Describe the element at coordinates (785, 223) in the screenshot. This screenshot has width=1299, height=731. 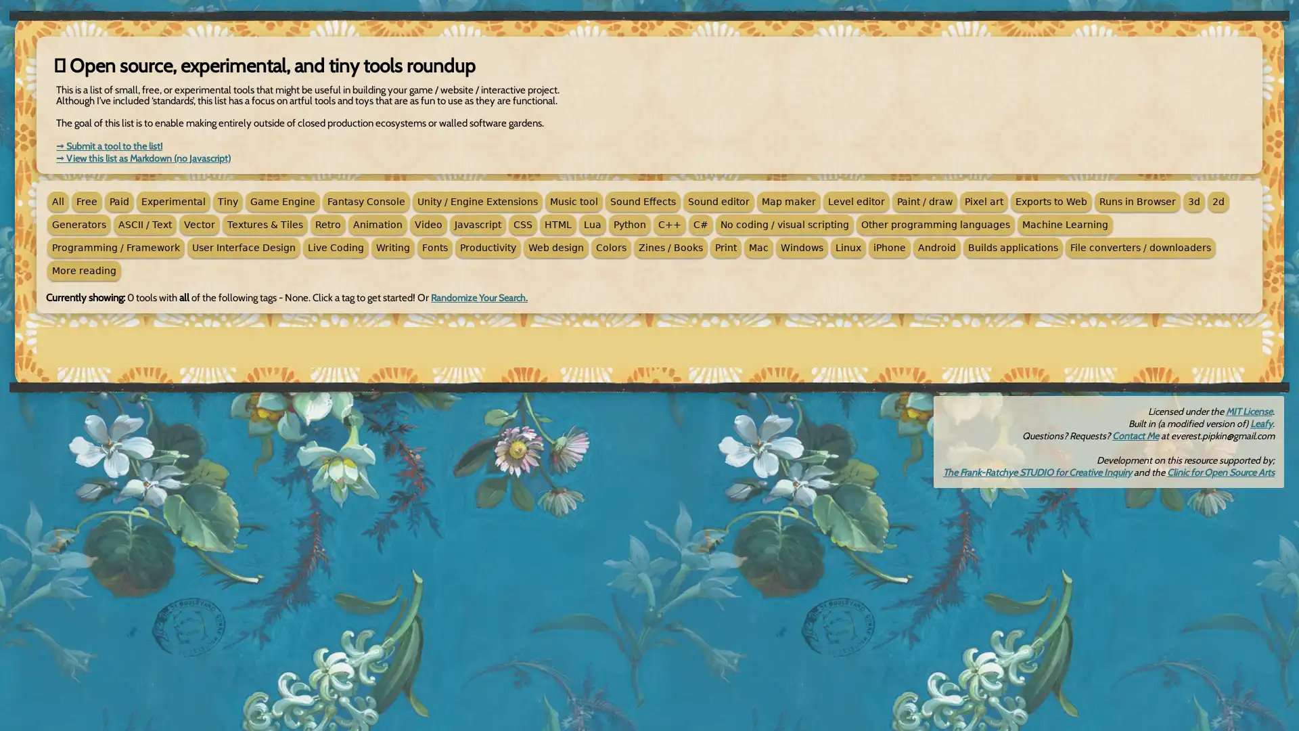
I see `No coding / visual scripting` at that location.